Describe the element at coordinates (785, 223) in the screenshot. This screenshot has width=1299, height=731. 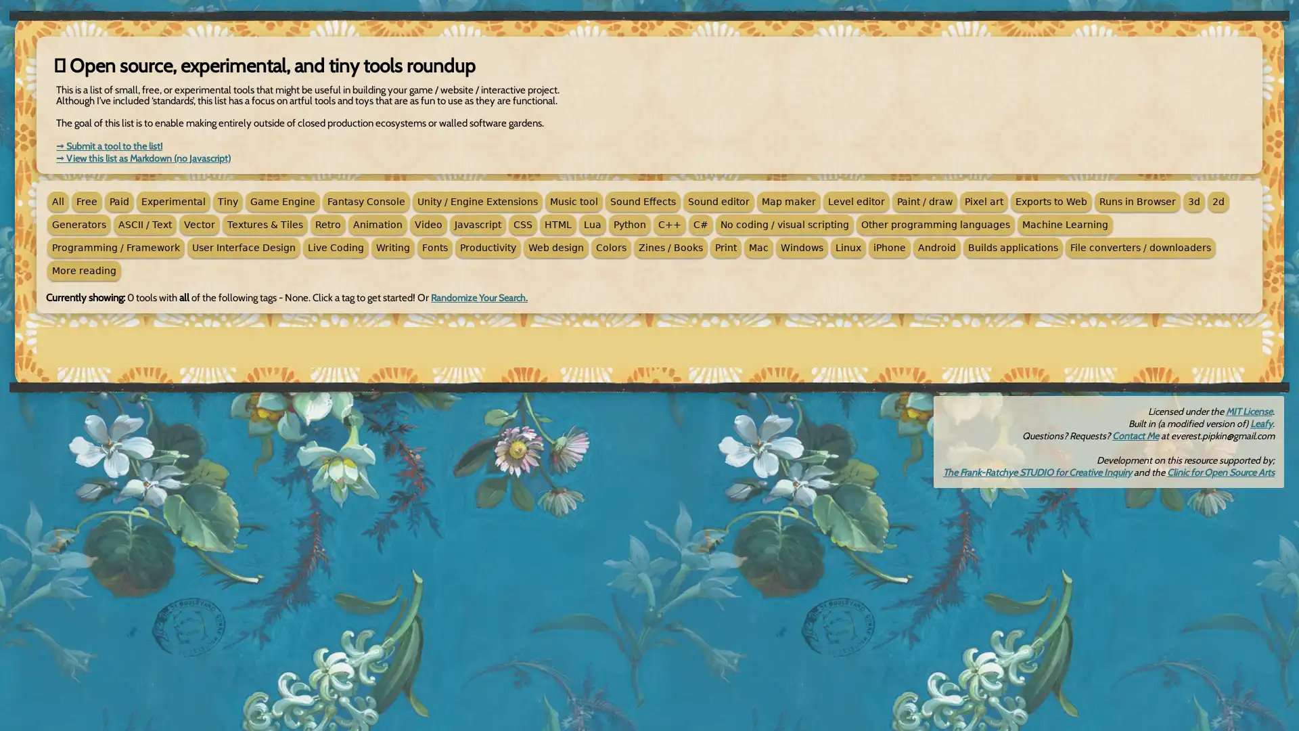
I see `No coding / visual scripting` at that location.